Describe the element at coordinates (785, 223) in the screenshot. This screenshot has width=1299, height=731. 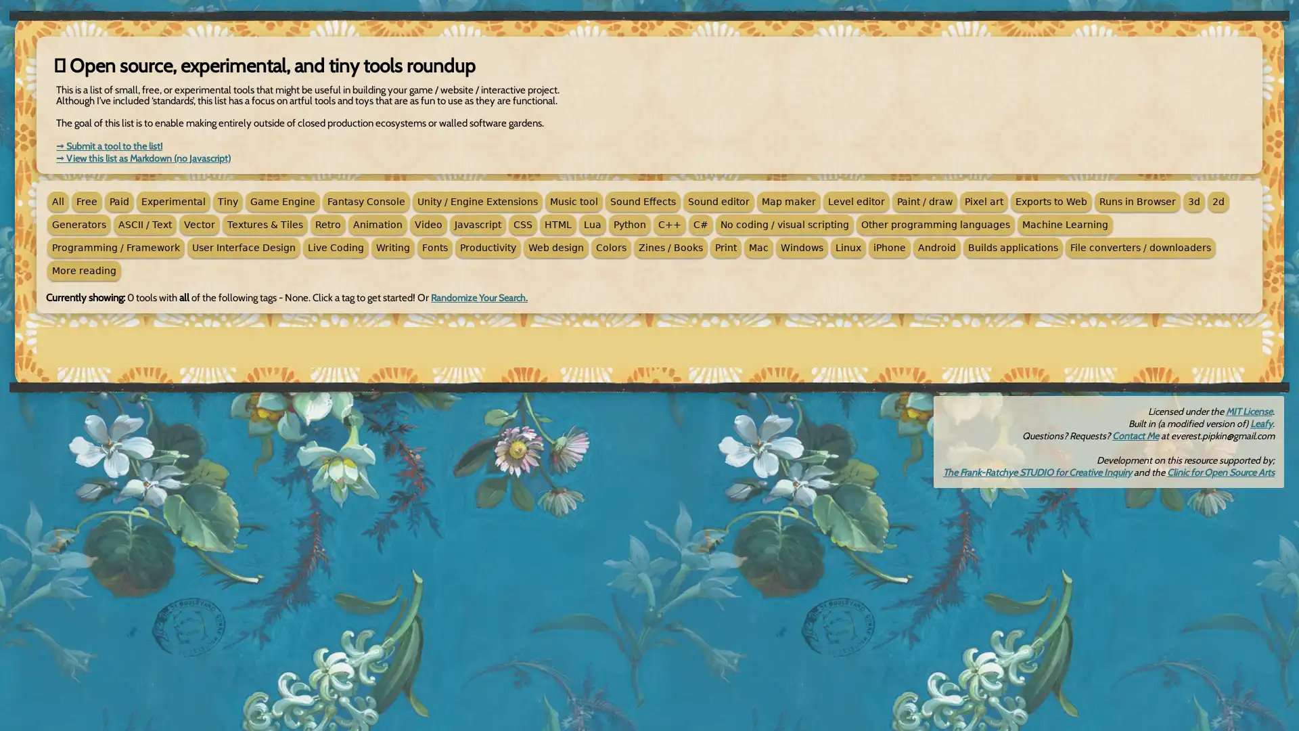
I see `No coding / visual scripting` at that location.